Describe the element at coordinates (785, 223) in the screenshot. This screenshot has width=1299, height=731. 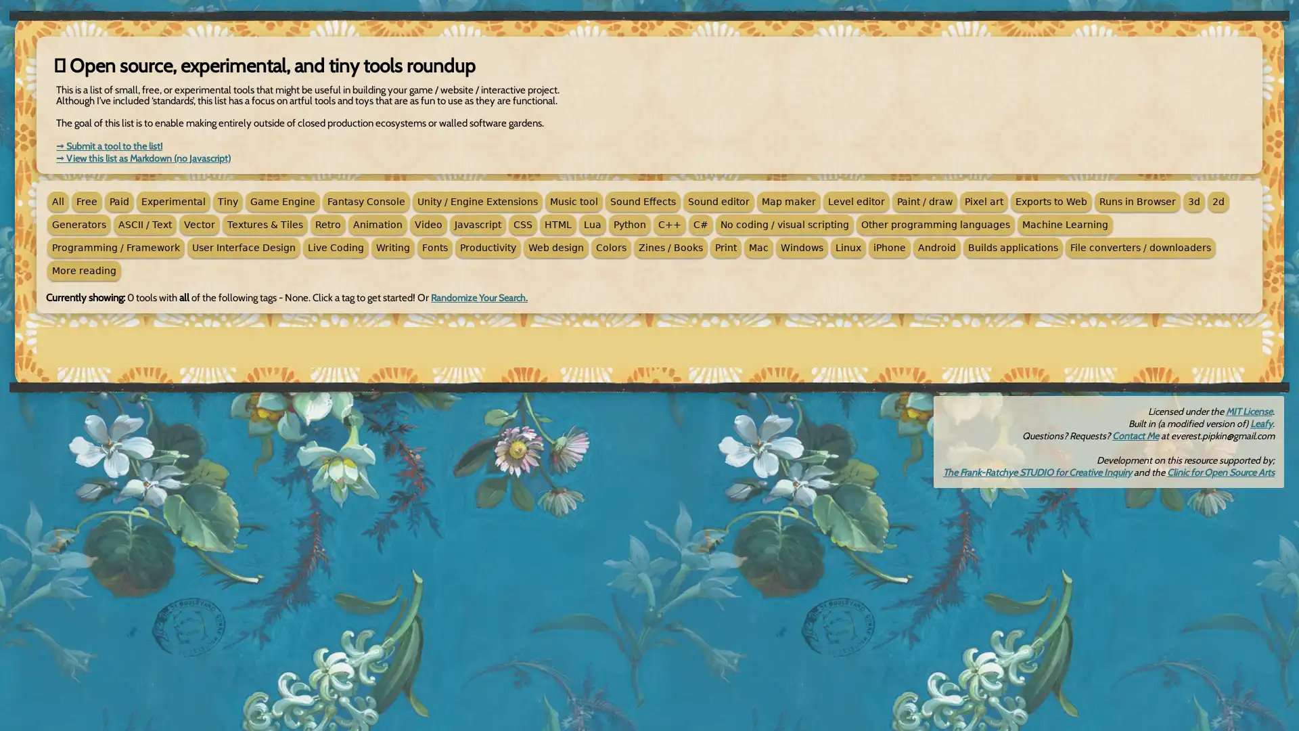
I see `No coding / visual scripting` at that location.